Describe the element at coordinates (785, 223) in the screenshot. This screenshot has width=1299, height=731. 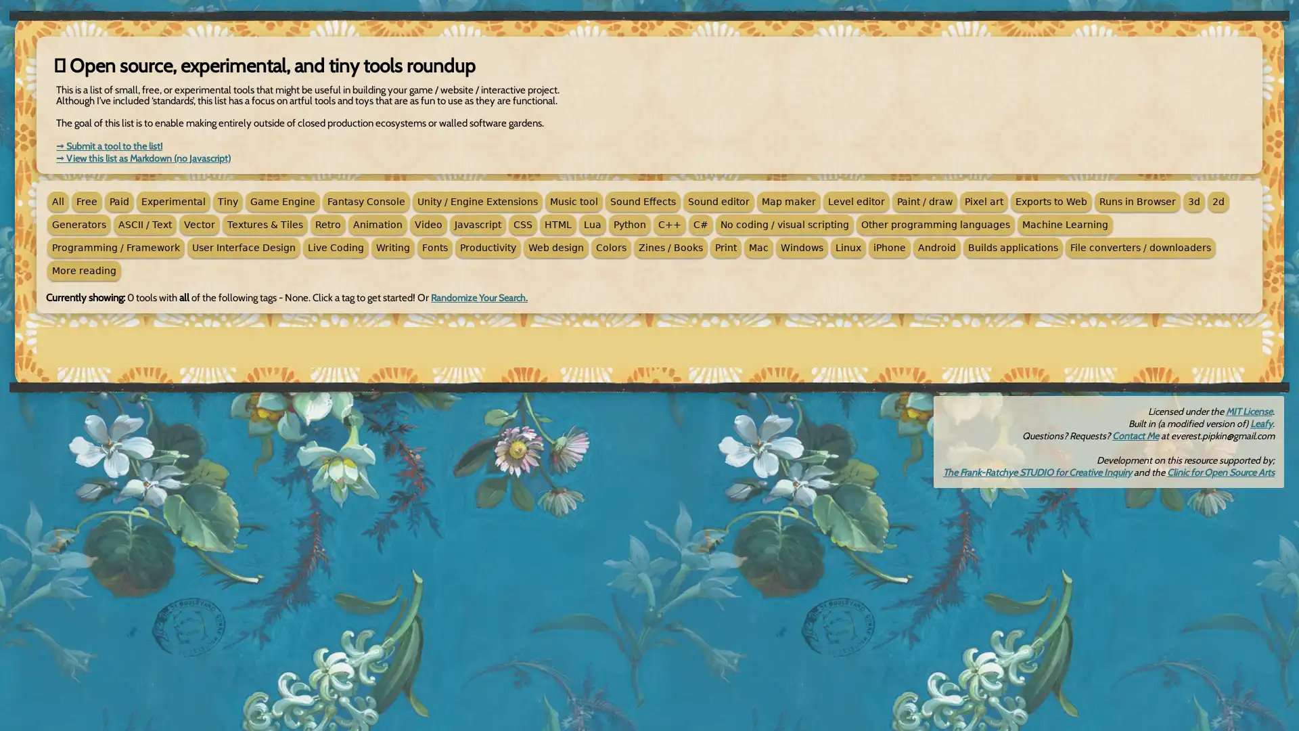
I see `No coding / visual scripting` at that location.